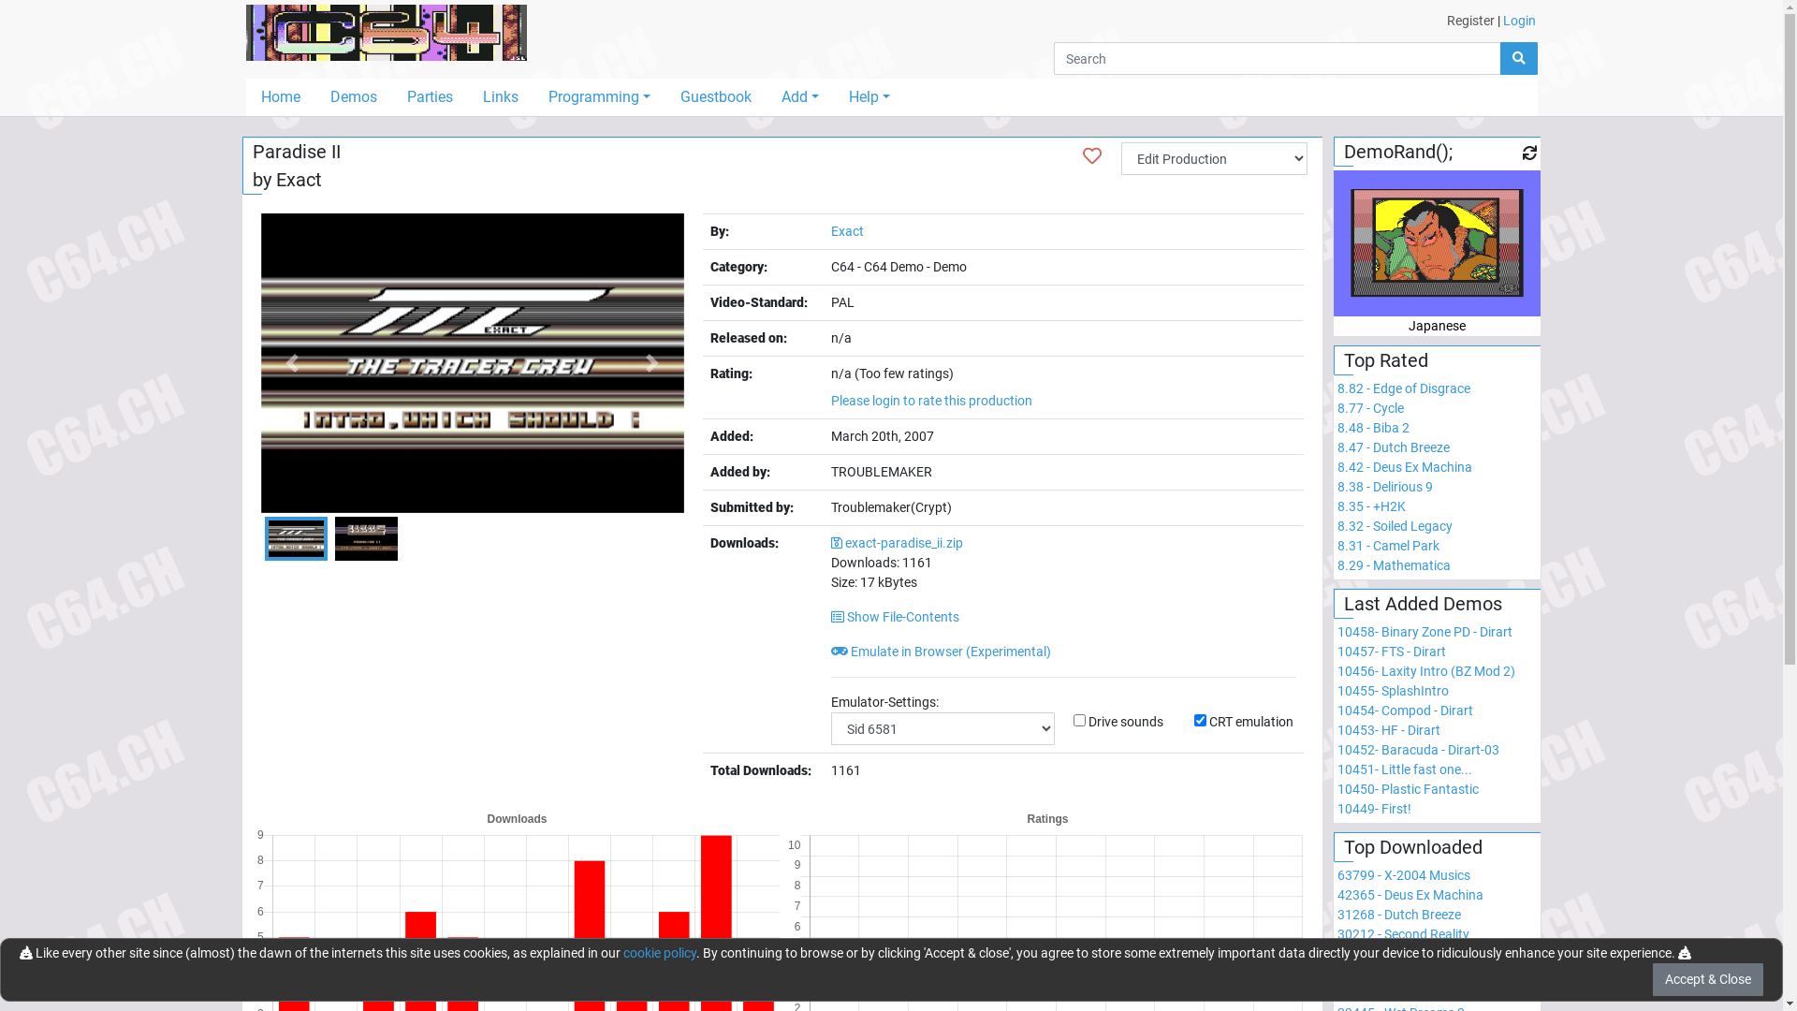 This screenshot has width=1797, height=1011. What do you see at coordinates (1410, 894) in the screenshot?
I see `'42365 - Deus Ex Machina'` at bounding box center [1410, 894].